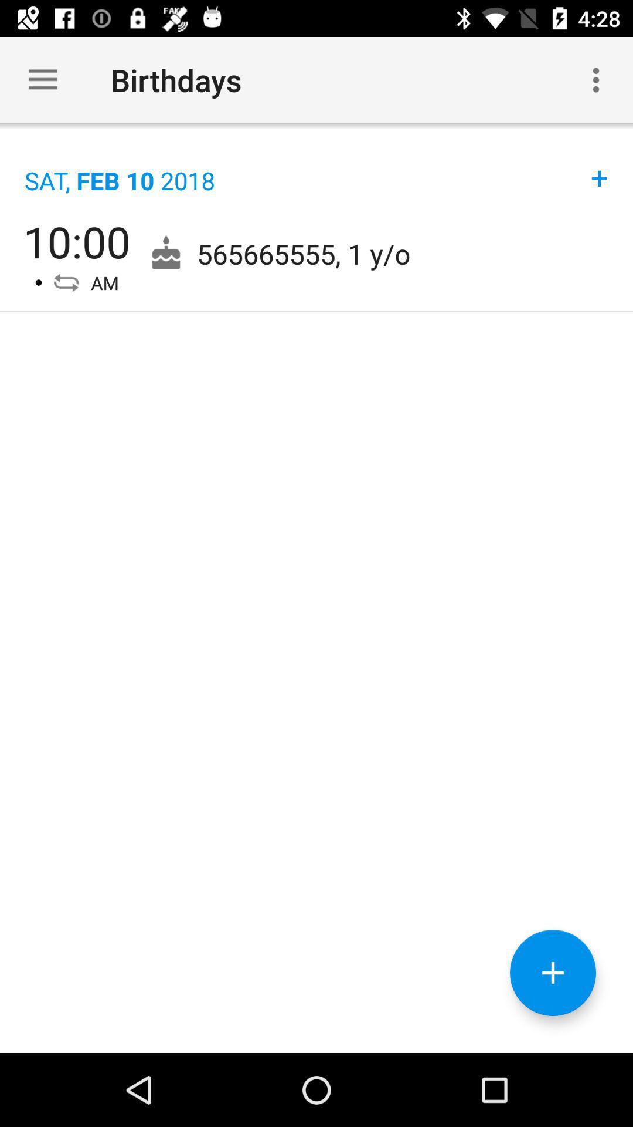 The image size is (633, 1127). What do you see at coordinates (553, 973) in the screenshot?
I see `the item at the bottom right corner` at bounding box center [553, 973].